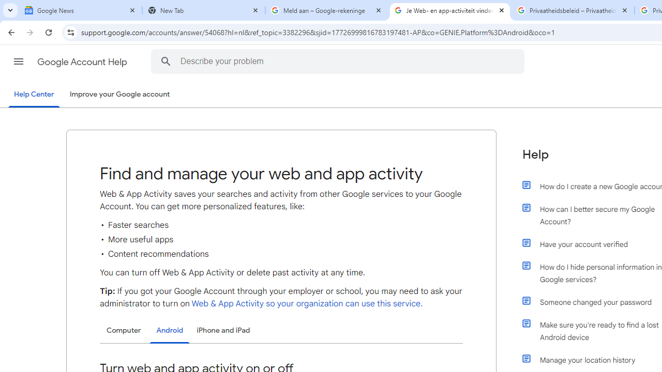  What do you see at coordinates (70, 32) in the screenshot?
I see `'View site information'` at bounding box center [70, 32].